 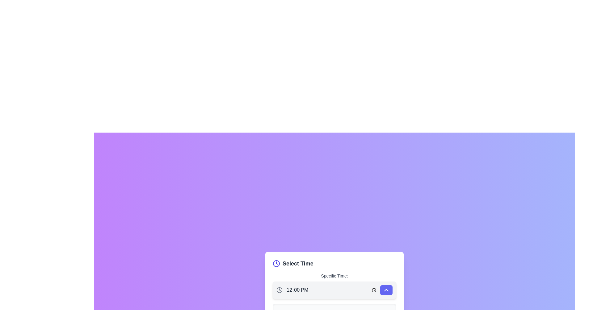 I want to click on the upward-pointing chevron icon located inside the blue button to the far right of the numeric time display for more information, so click(x=386, y=290).